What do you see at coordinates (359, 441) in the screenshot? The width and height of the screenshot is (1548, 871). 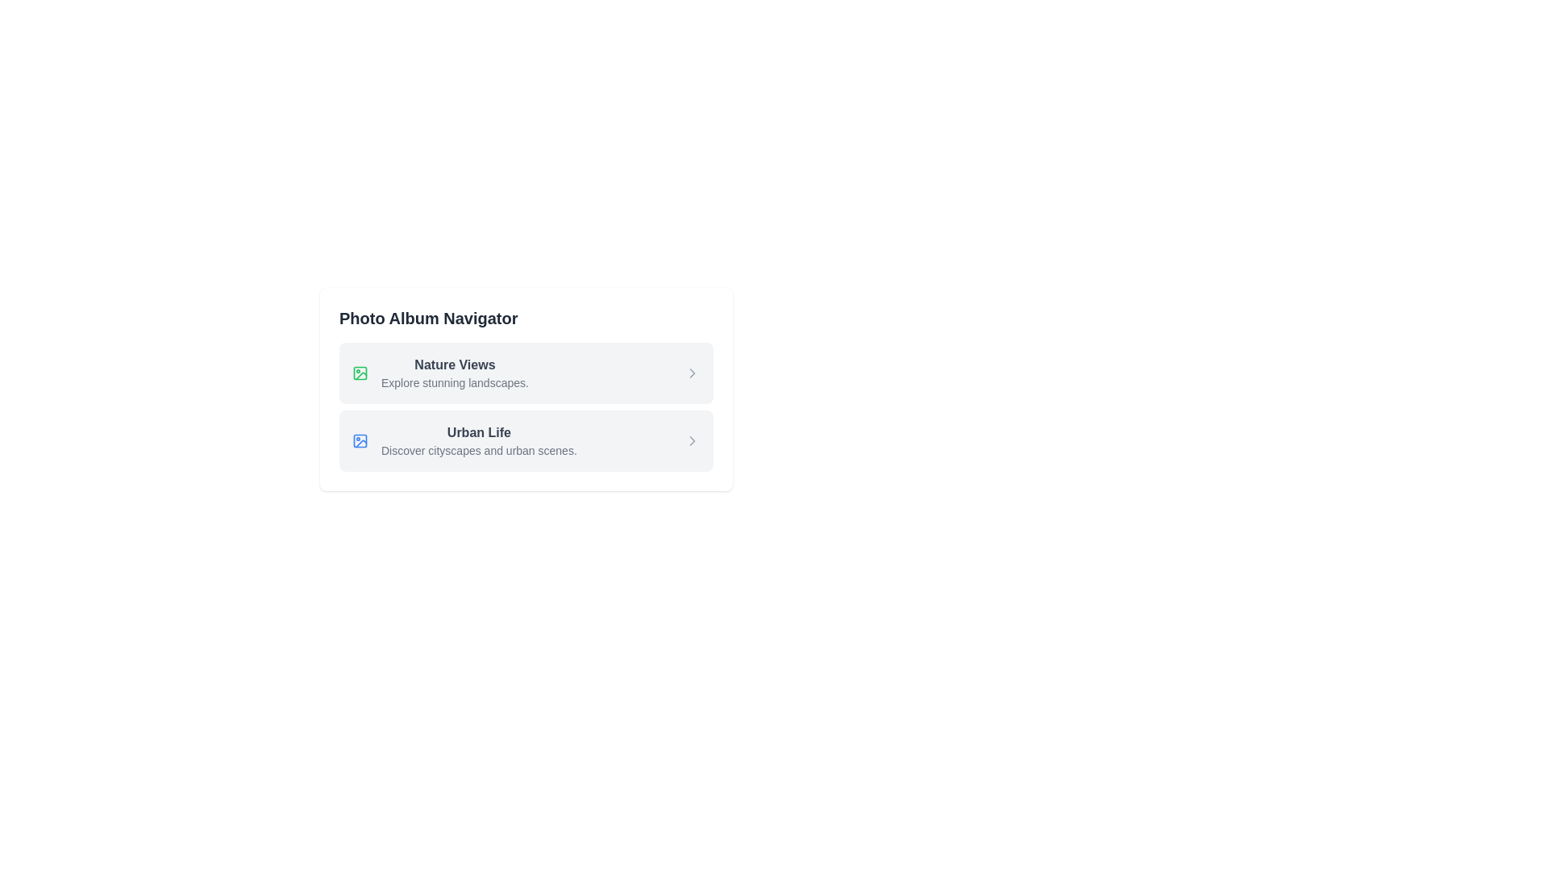 I see `the blue image icon representing a photo, which is located to the left of the 'Urban Life' title and 'Discover cityscapes and urban scenes.' description` at bounding box center [359, 441].